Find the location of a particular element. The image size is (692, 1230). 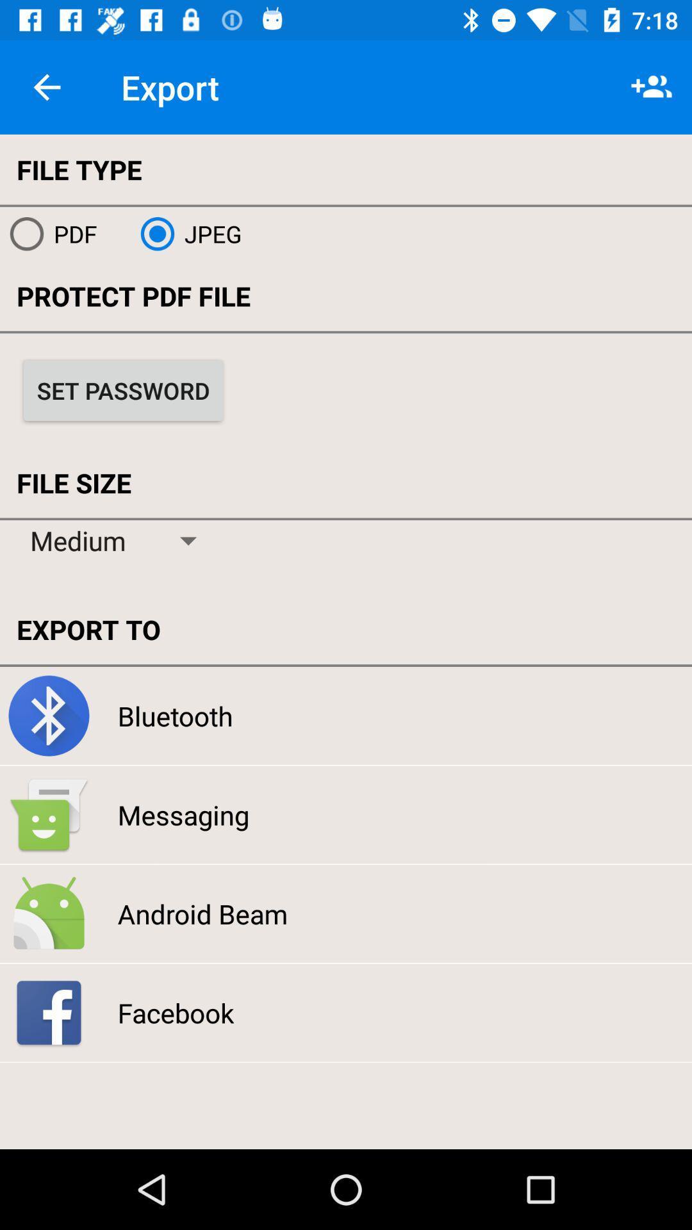

bluetooth is located at coordinates (175, 715).